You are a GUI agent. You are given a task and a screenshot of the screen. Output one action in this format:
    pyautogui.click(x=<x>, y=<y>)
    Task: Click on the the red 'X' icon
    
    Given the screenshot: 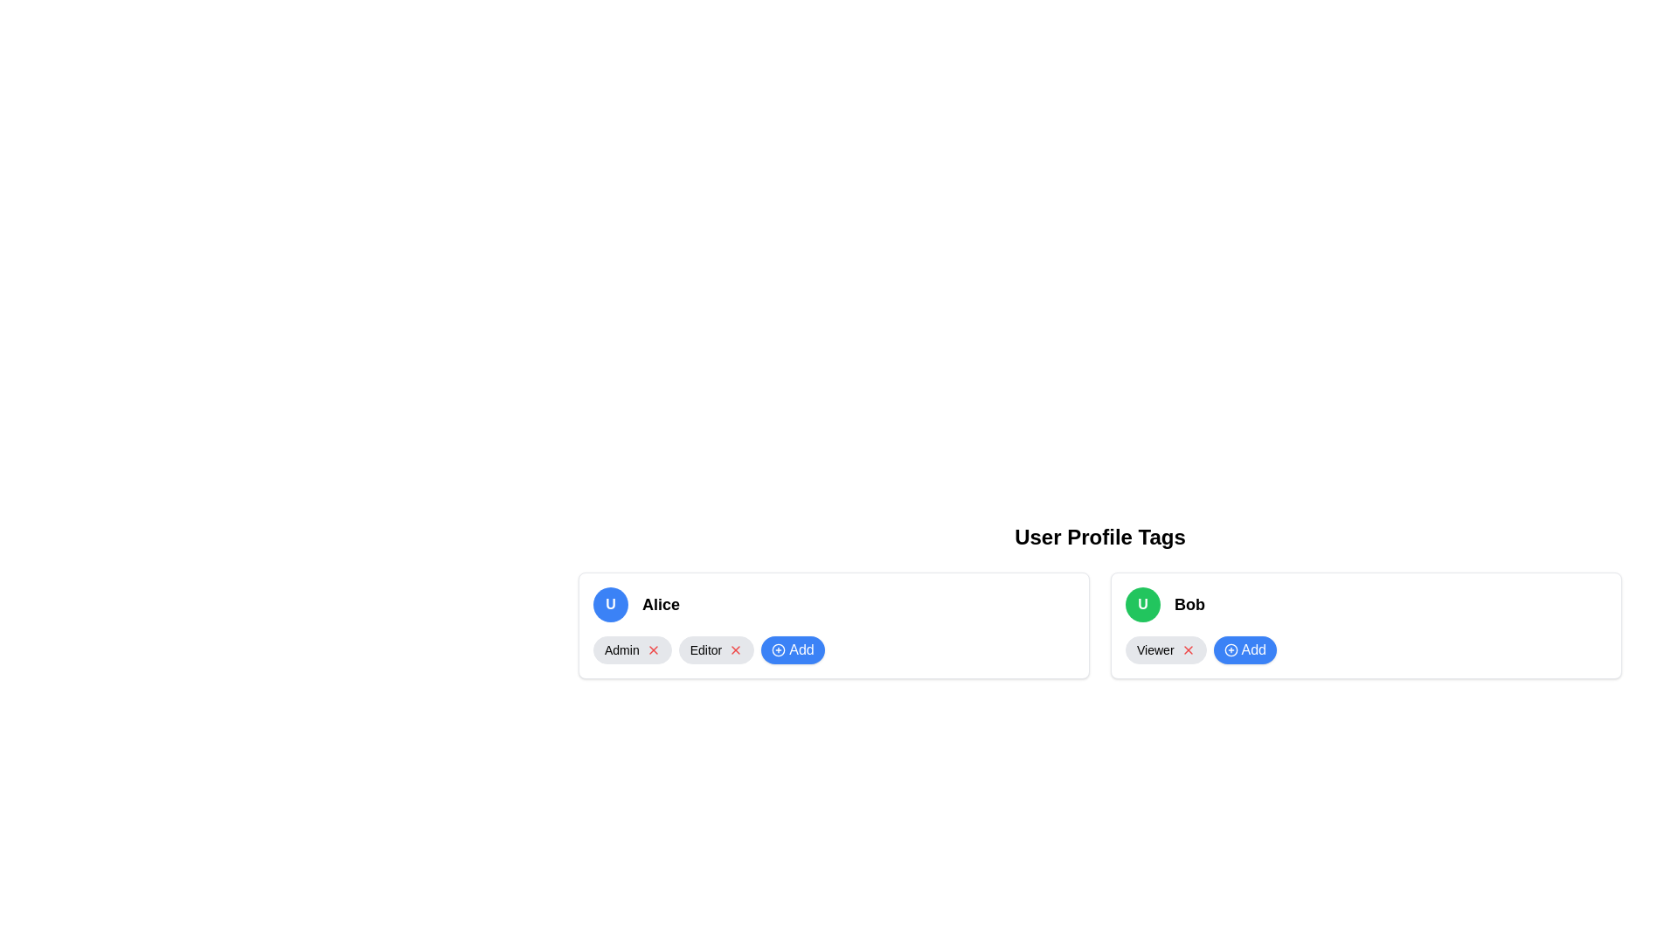 What is the action you would take?
    pyautogui.click(x=652, y=650)
    